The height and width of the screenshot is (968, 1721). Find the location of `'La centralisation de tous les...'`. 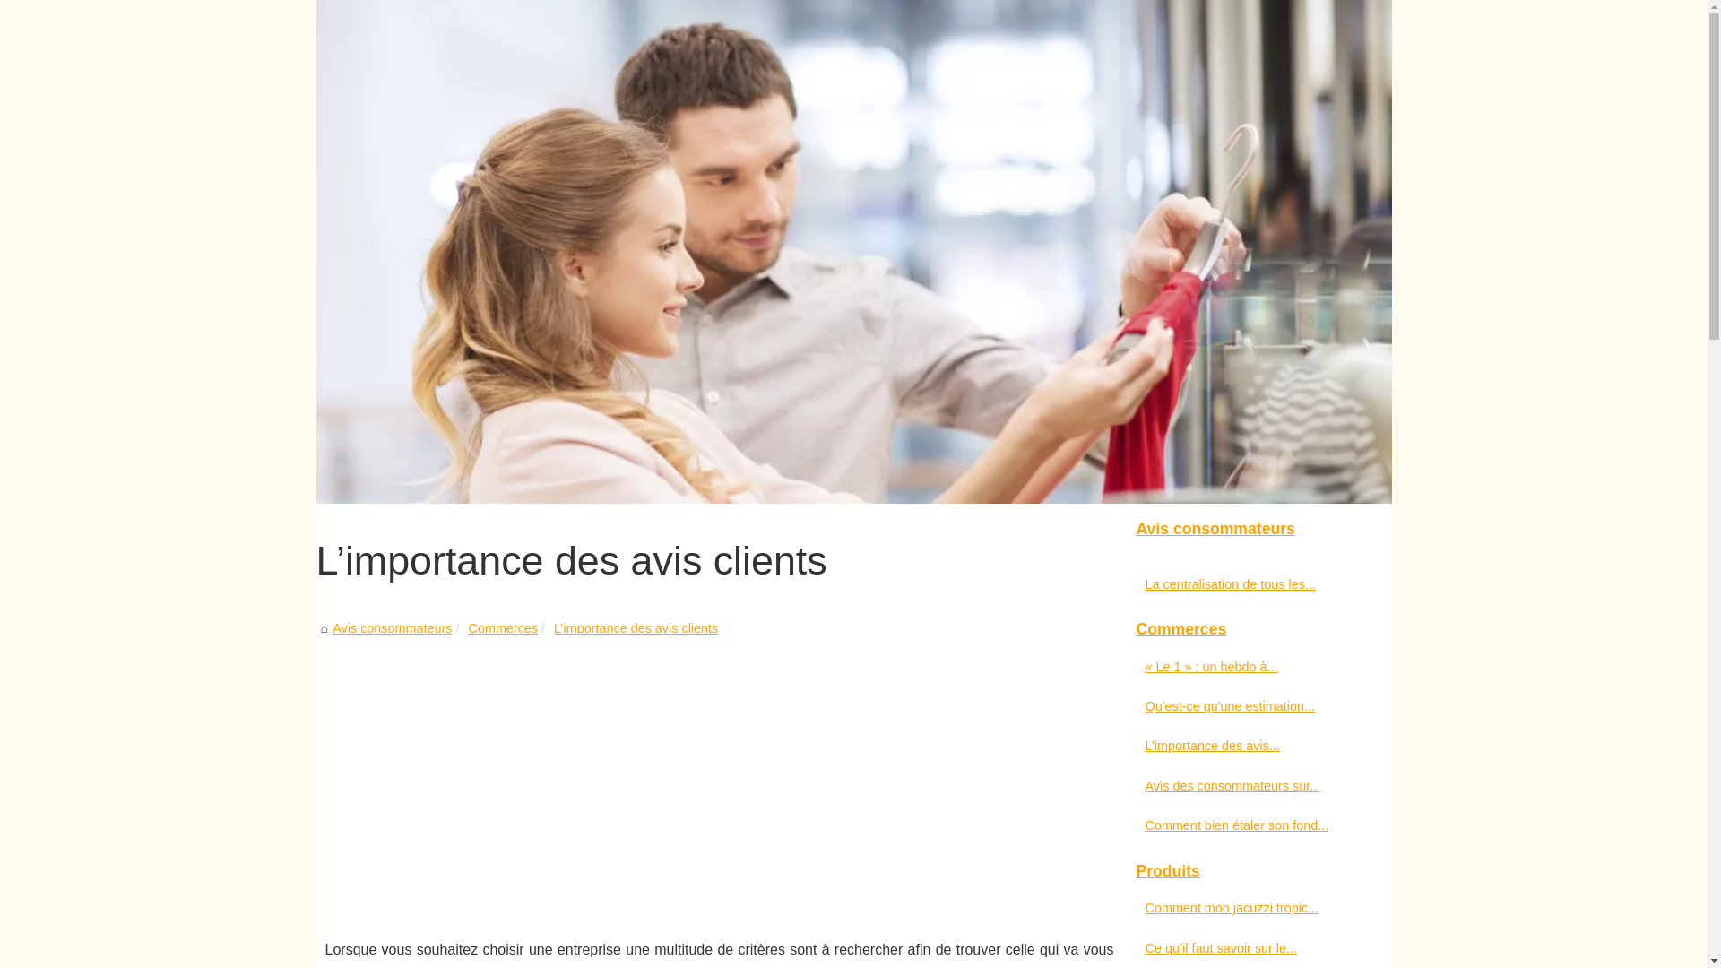

'La centralisation de tous les...' is located at coordinates (1139, 583).